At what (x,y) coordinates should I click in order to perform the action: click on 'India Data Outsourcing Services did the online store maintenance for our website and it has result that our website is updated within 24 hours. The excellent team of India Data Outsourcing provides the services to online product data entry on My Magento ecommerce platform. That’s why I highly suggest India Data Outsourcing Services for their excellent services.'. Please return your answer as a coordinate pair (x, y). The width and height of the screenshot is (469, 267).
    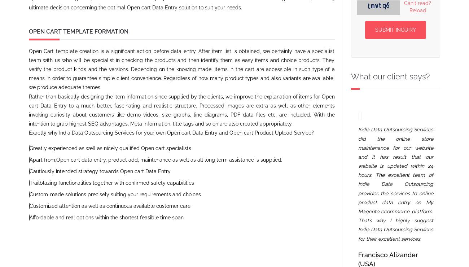
    Looking at the image, I should click on (358, 184).